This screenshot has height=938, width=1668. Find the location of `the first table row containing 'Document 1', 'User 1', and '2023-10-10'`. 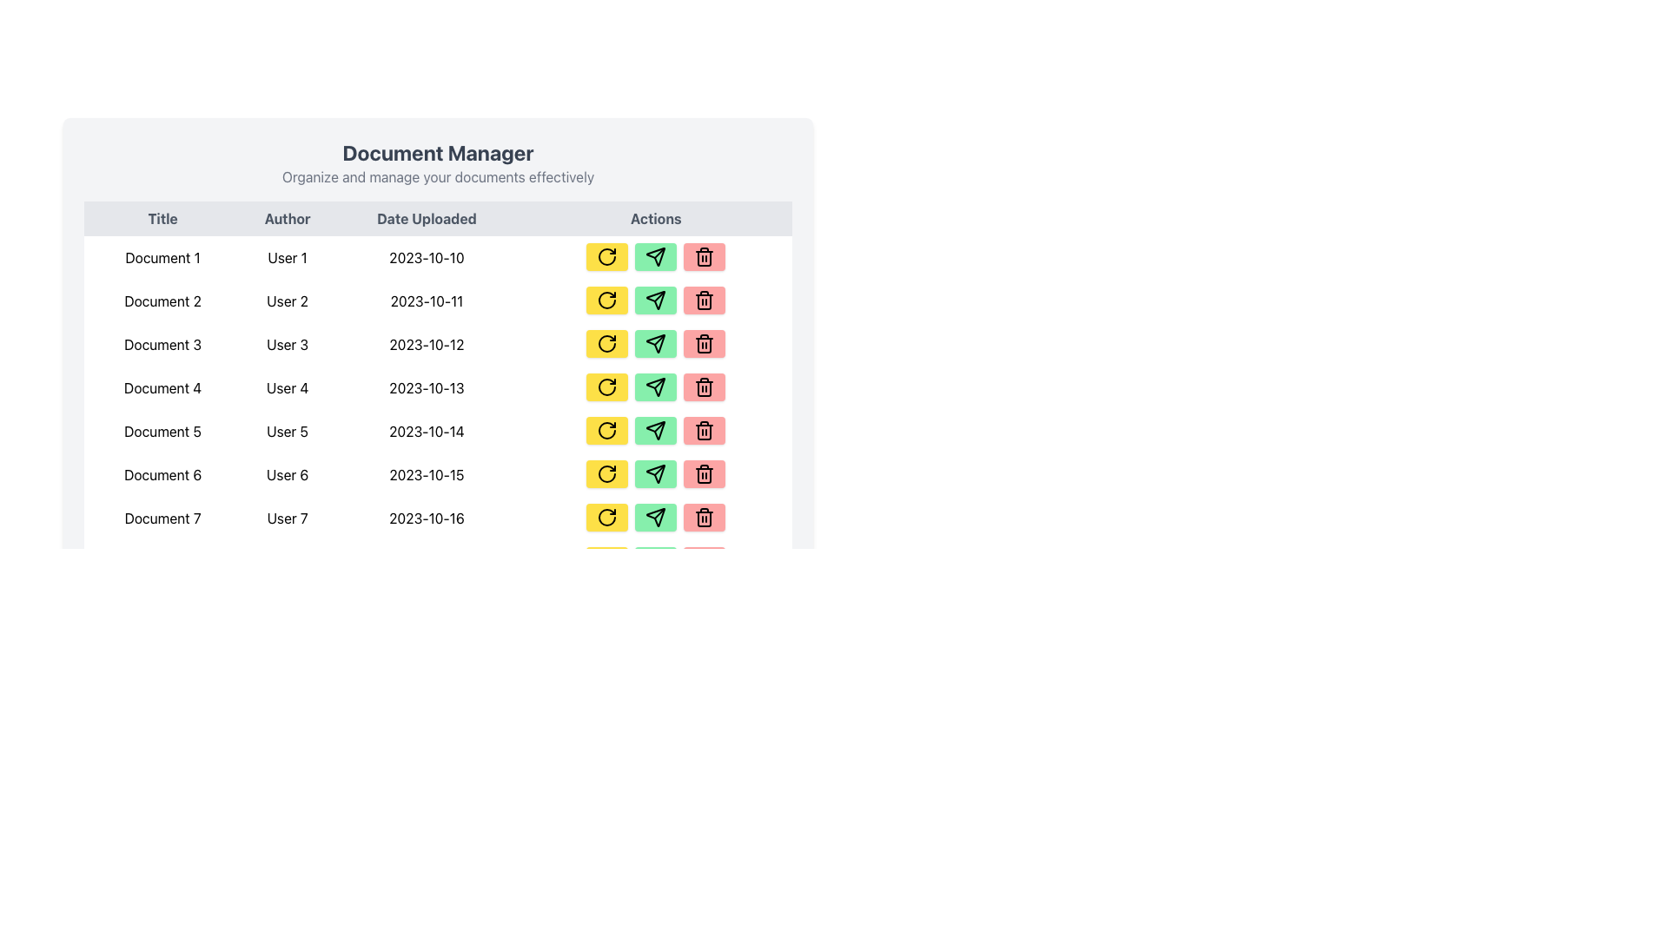

the first table row containing 'Document 1', 'User 1', and '2023-10-10' is located at coordinates (438, 258).